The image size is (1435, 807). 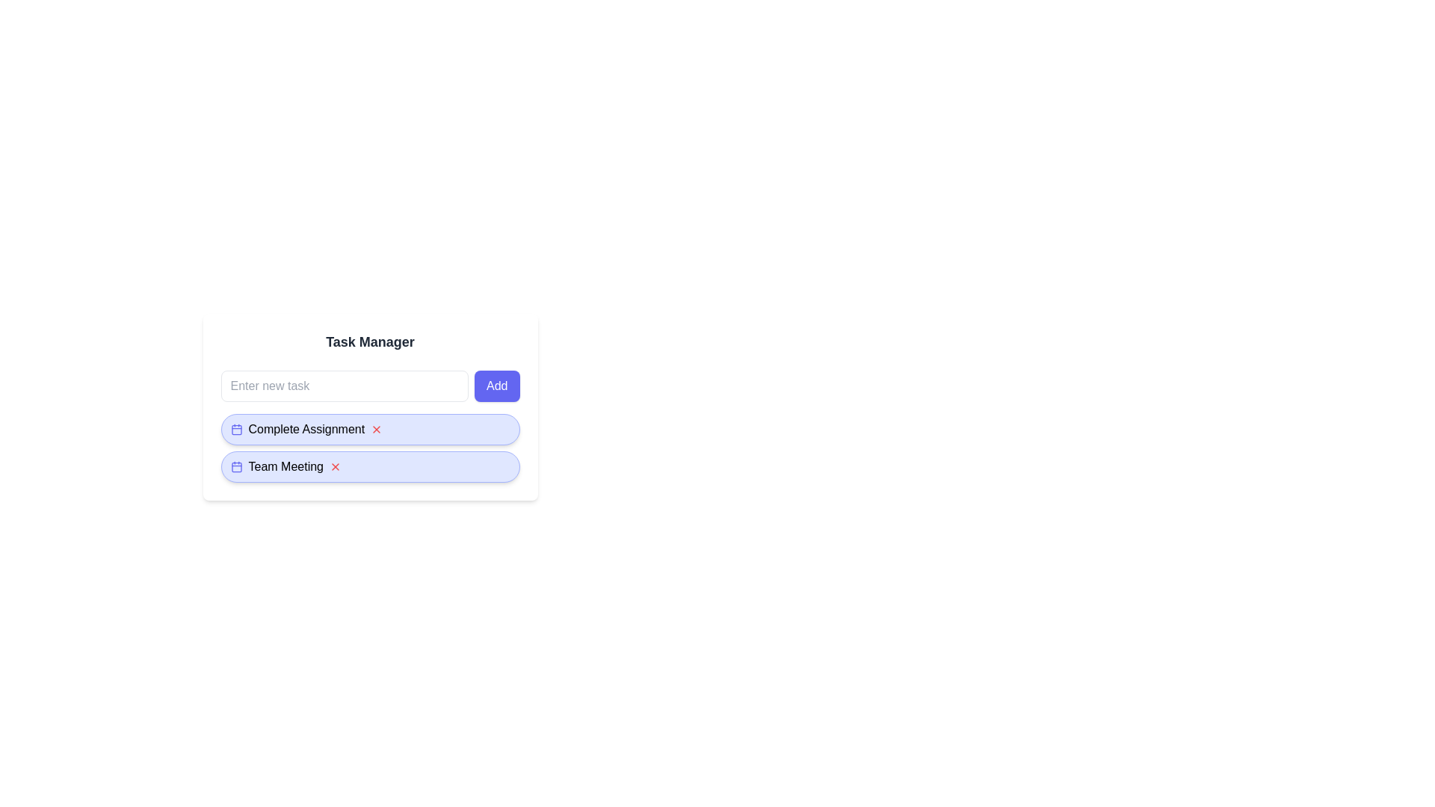 I want to click on 'X' button next to the task 'Complete Assignment' to delete it, so click(x=377, y=429).